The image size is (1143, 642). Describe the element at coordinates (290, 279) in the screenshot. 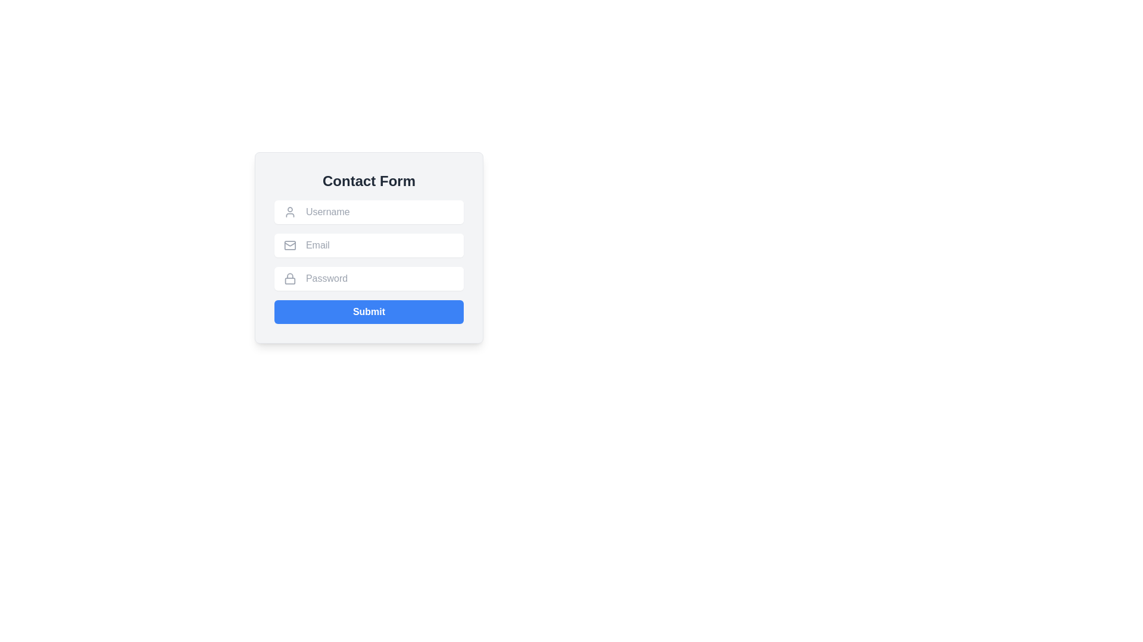

I see `the small gray lock icon located to the far-left within the password input field of the contact form, which indicates security or restricted access` at that location.